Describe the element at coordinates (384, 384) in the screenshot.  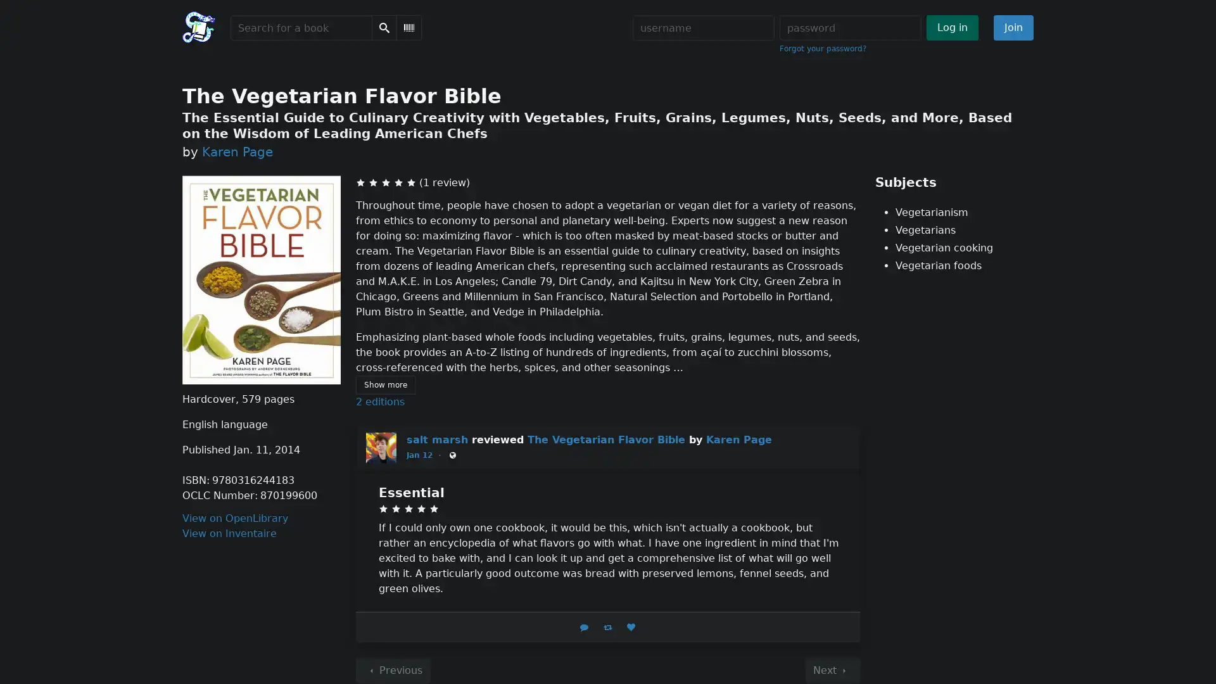
I see `Show more` at that location.